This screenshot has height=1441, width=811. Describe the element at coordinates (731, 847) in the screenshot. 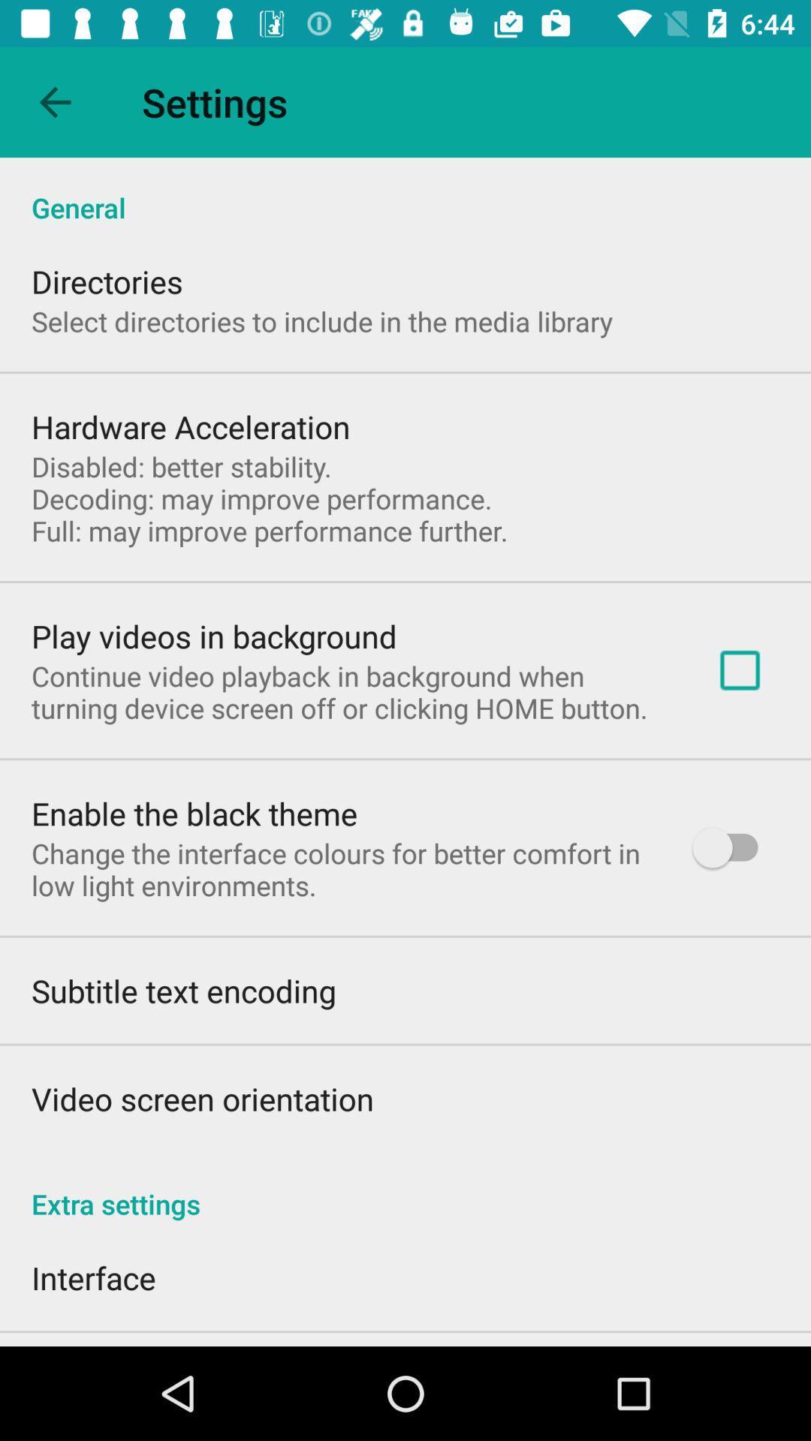

I see `the icon next to the change the interface` at that location.